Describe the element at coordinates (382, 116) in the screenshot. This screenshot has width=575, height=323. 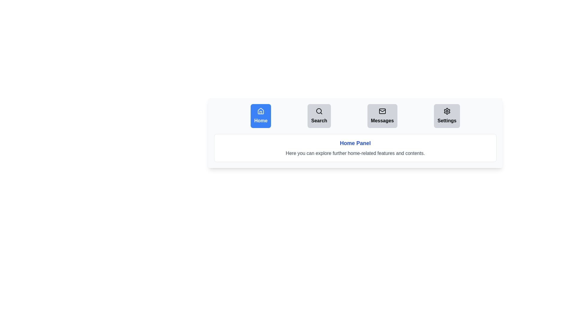
I see `the 'Messages' button, which is a rectangular button with a light gray background and a black envelope icon` at that location.